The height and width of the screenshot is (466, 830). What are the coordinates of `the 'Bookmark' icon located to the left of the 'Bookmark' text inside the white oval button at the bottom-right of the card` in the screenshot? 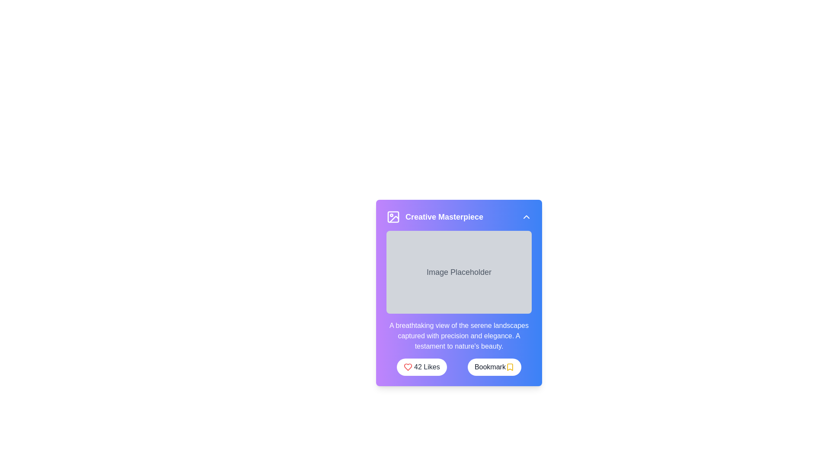 It's located at (510, 367).